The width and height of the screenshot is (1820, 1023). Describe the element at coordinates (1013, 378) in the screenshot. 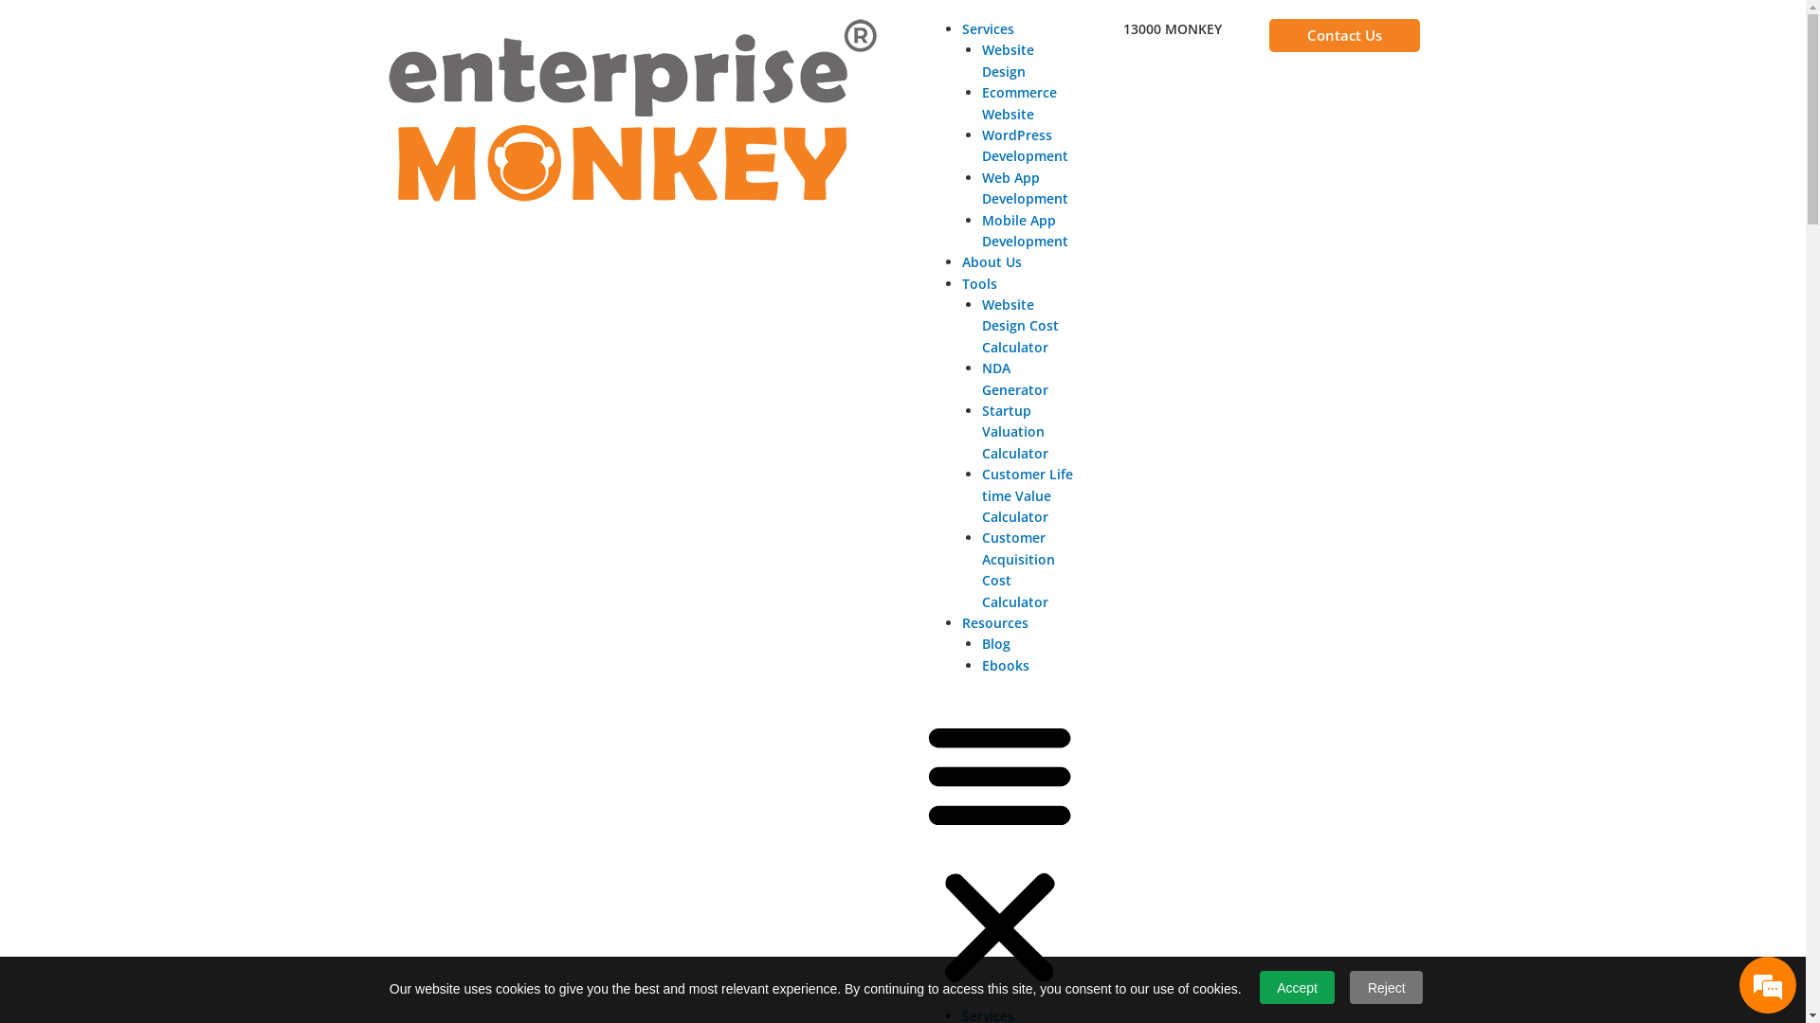

I see `'NDA Generator'` at that location.